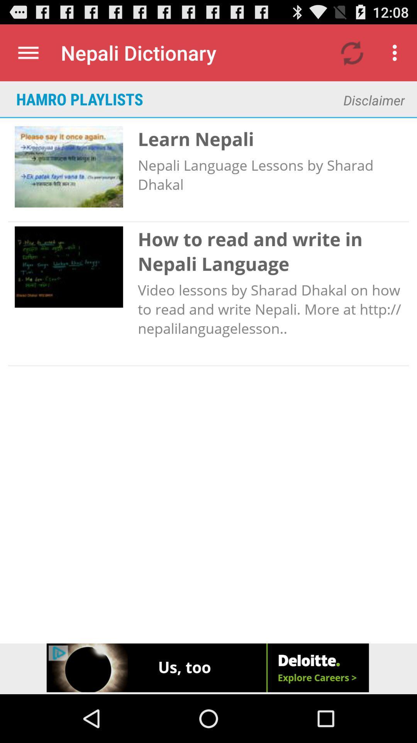 This screenshot has width=417, height=743. I want to click on advert, so click(208, 668).